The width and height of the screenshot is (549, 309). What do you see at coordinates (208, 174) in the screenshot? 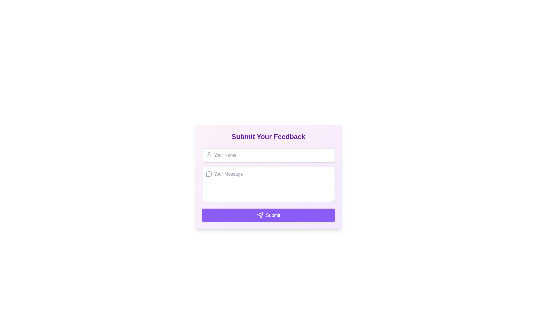
I see `the decorative icon graphic located to the left of the 'Your Message' input field in the feedback form` at bounding box center [208, 174].